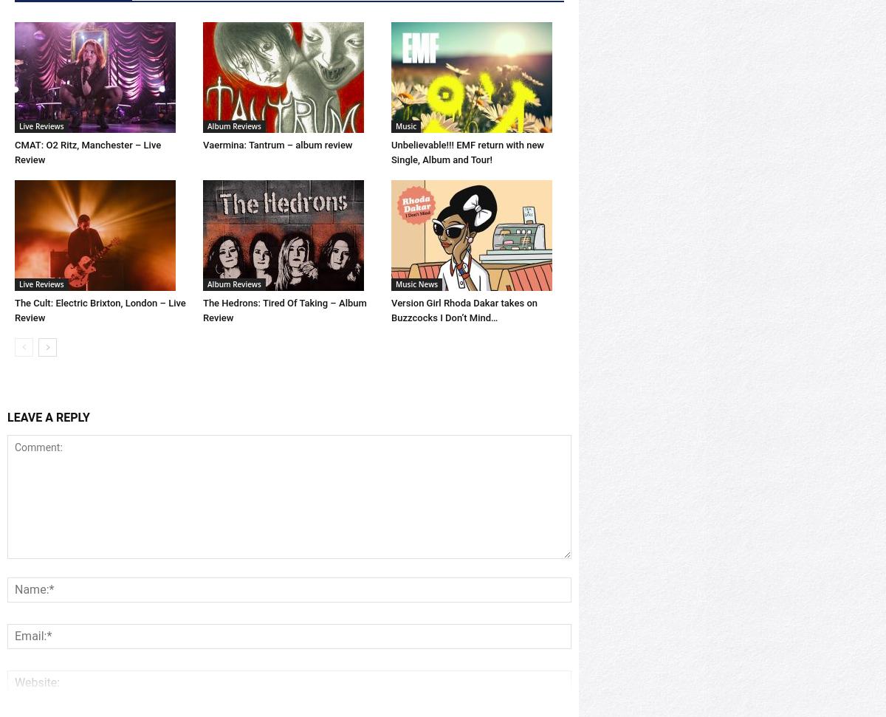 Image resolution: width=886 pixels, height=717 pixels. Describe the element at coordinates (284, 360) in the screenshot. I see `'The Hedrons: Tired Of Taking – Album Review'` at that location.